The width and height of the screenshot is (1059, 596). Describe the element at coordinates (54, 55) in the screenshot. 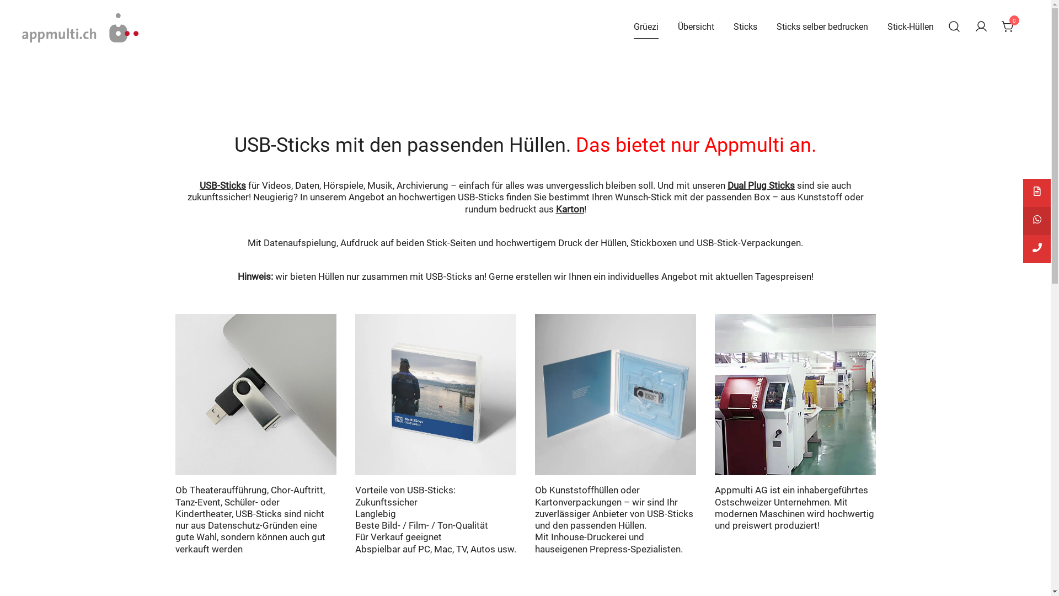

I see `'Appmulti AG'` at that location.